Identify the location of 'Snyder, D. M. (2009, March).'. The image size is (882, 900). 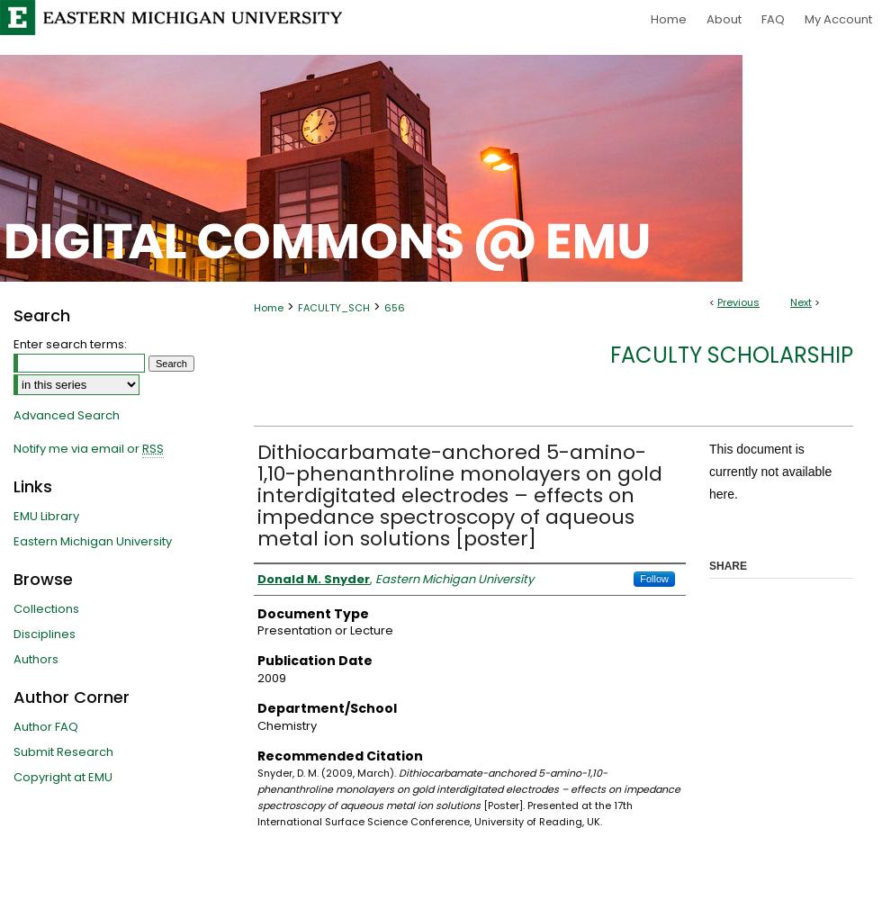
(256, 772).